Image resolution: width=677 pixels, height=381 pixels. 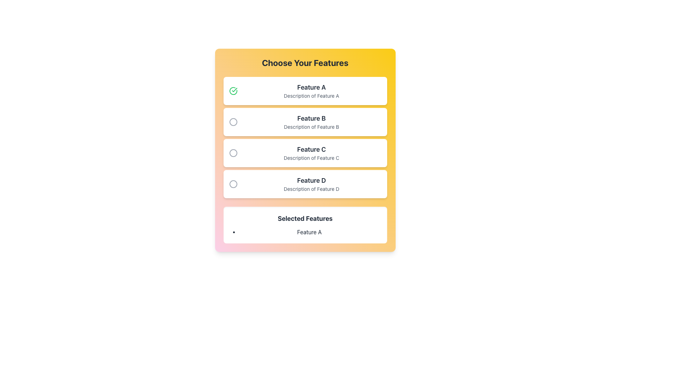 What do you see at coordinates (305, 225) in the screenshot?
I see `the 'Selected Features' section of the card that displays the title in bold and includes the list item 'Feature A'` at bounding box center [305, 225].